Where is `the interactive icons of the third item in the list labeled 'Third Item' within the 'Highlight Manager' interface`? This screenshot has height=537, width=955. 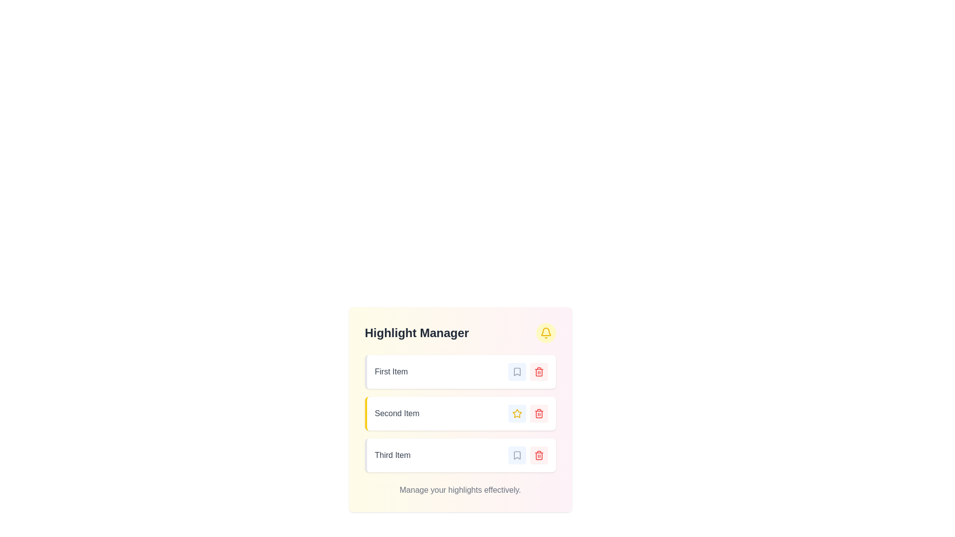 the interactive icons of the third item in the list labeled 'Third Item' within the 'Highlight Manager' interface is located at coordinates (460, 455).